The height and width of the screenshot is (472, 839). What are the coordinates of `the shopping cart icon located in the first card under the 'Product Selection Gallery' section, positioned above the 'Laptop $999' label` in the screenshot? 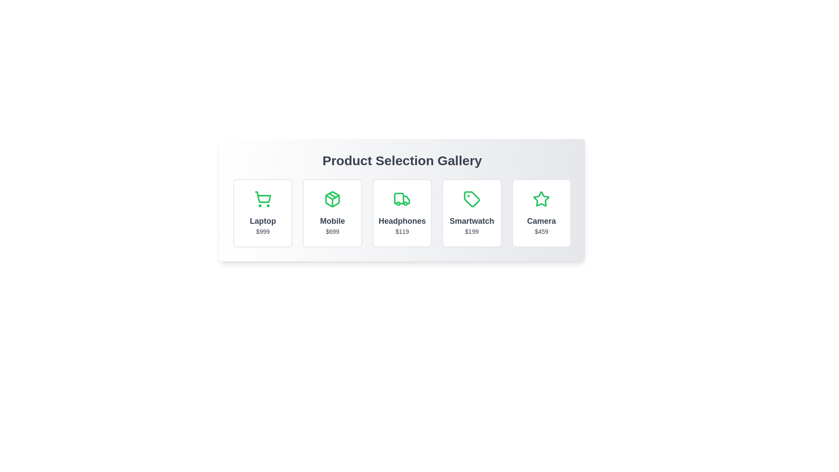 It's located at (262, 197).